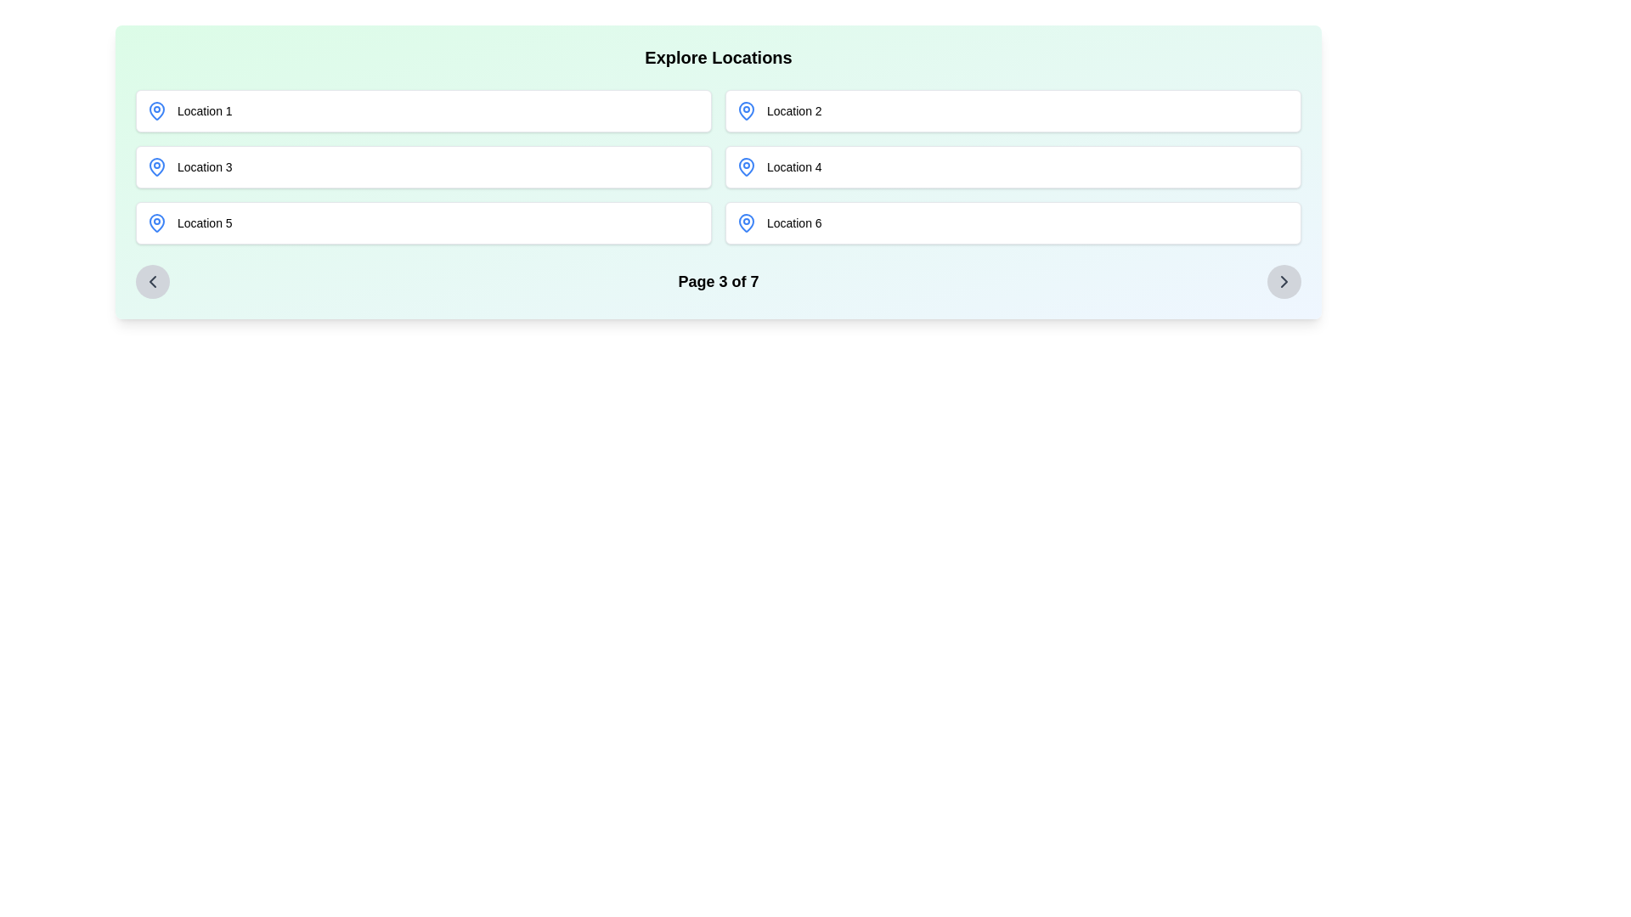 This screenshot has height=917, width=1631. What do you see at coordinates (1284, 280) in the screenshot?
I see `the chevron icon located at the bottom-right corner of the circular button` at bounding box center [1284, 280].